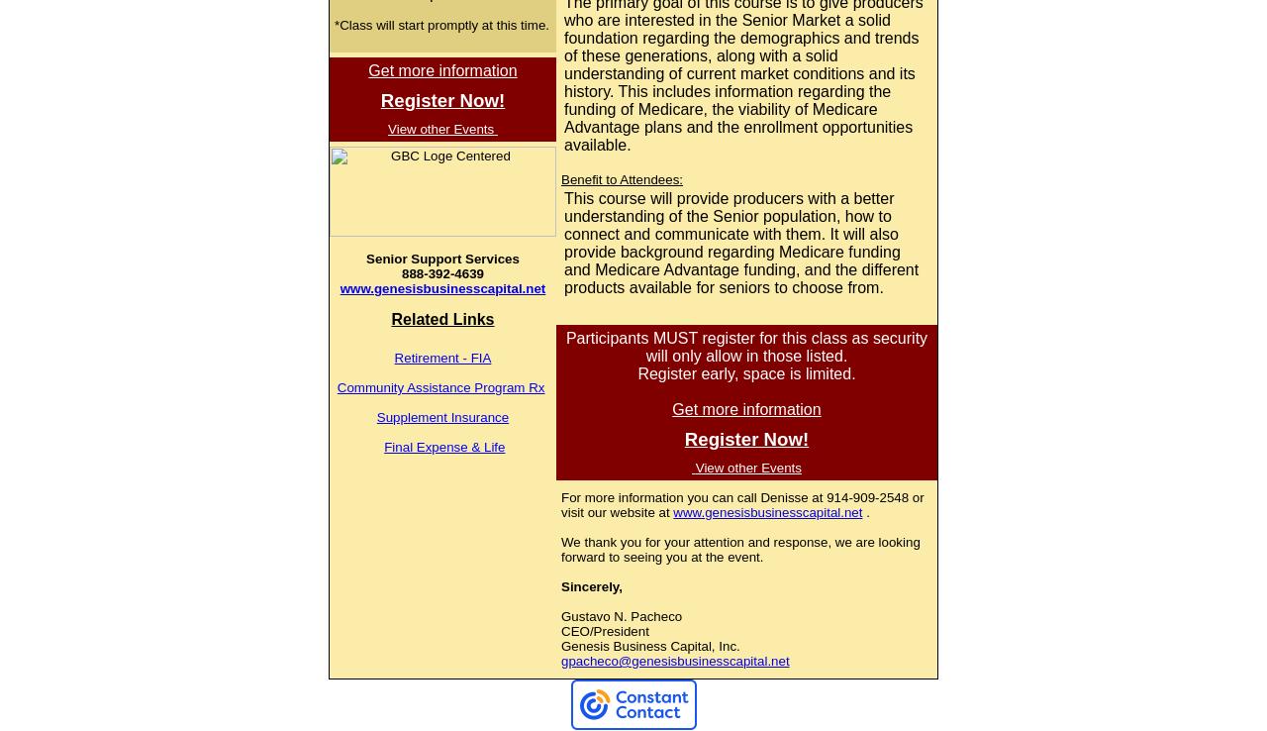  What do you see at coordinates (391, 318) in the screenshot?
I see `'Related Links'` at bounding box center [391, 318].